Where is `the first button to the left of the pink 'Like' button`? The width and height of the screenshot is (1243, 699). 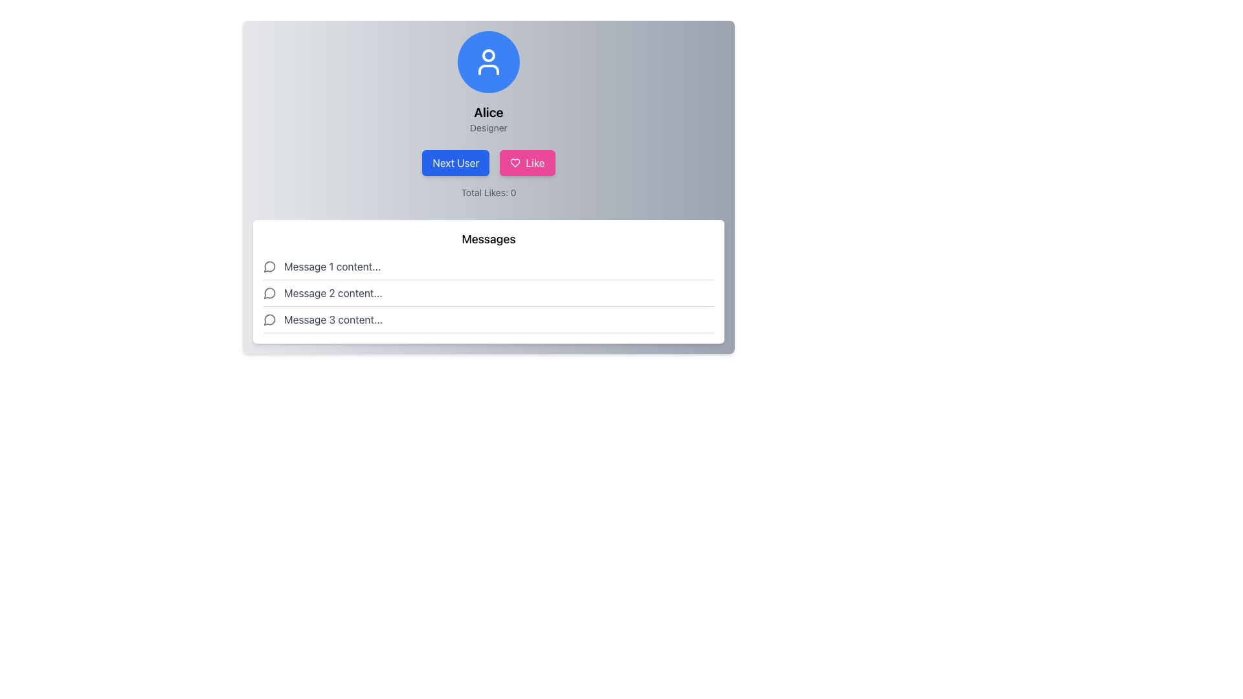
the first button to the left of the pink 'Like' button is located at coordinates (456, 162).